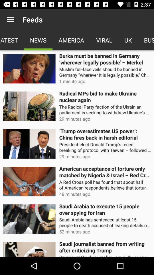 The height and width of the screenshot is (275, 154). I want to click on the latest item, so click(12, 40).